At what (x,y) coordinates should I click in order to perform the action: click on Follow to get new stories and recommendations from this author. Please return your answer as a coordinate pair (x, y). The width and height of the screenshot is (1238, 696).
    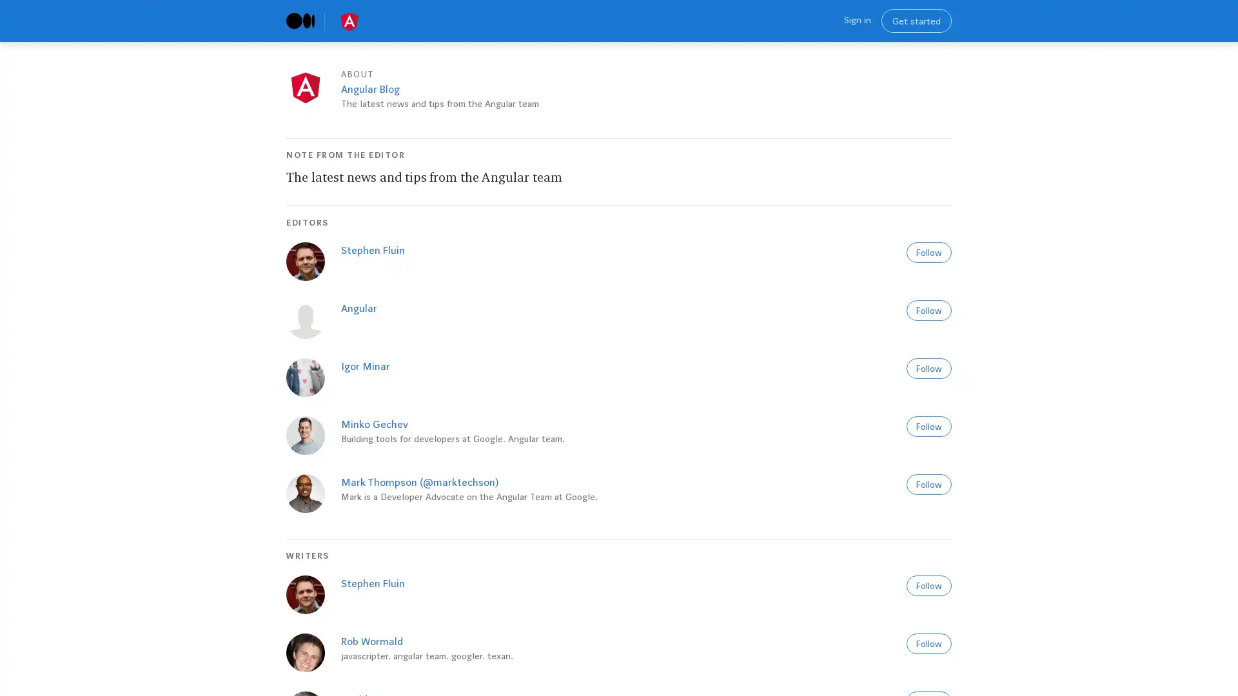
    Looking at the image, I should click on (928, 425).